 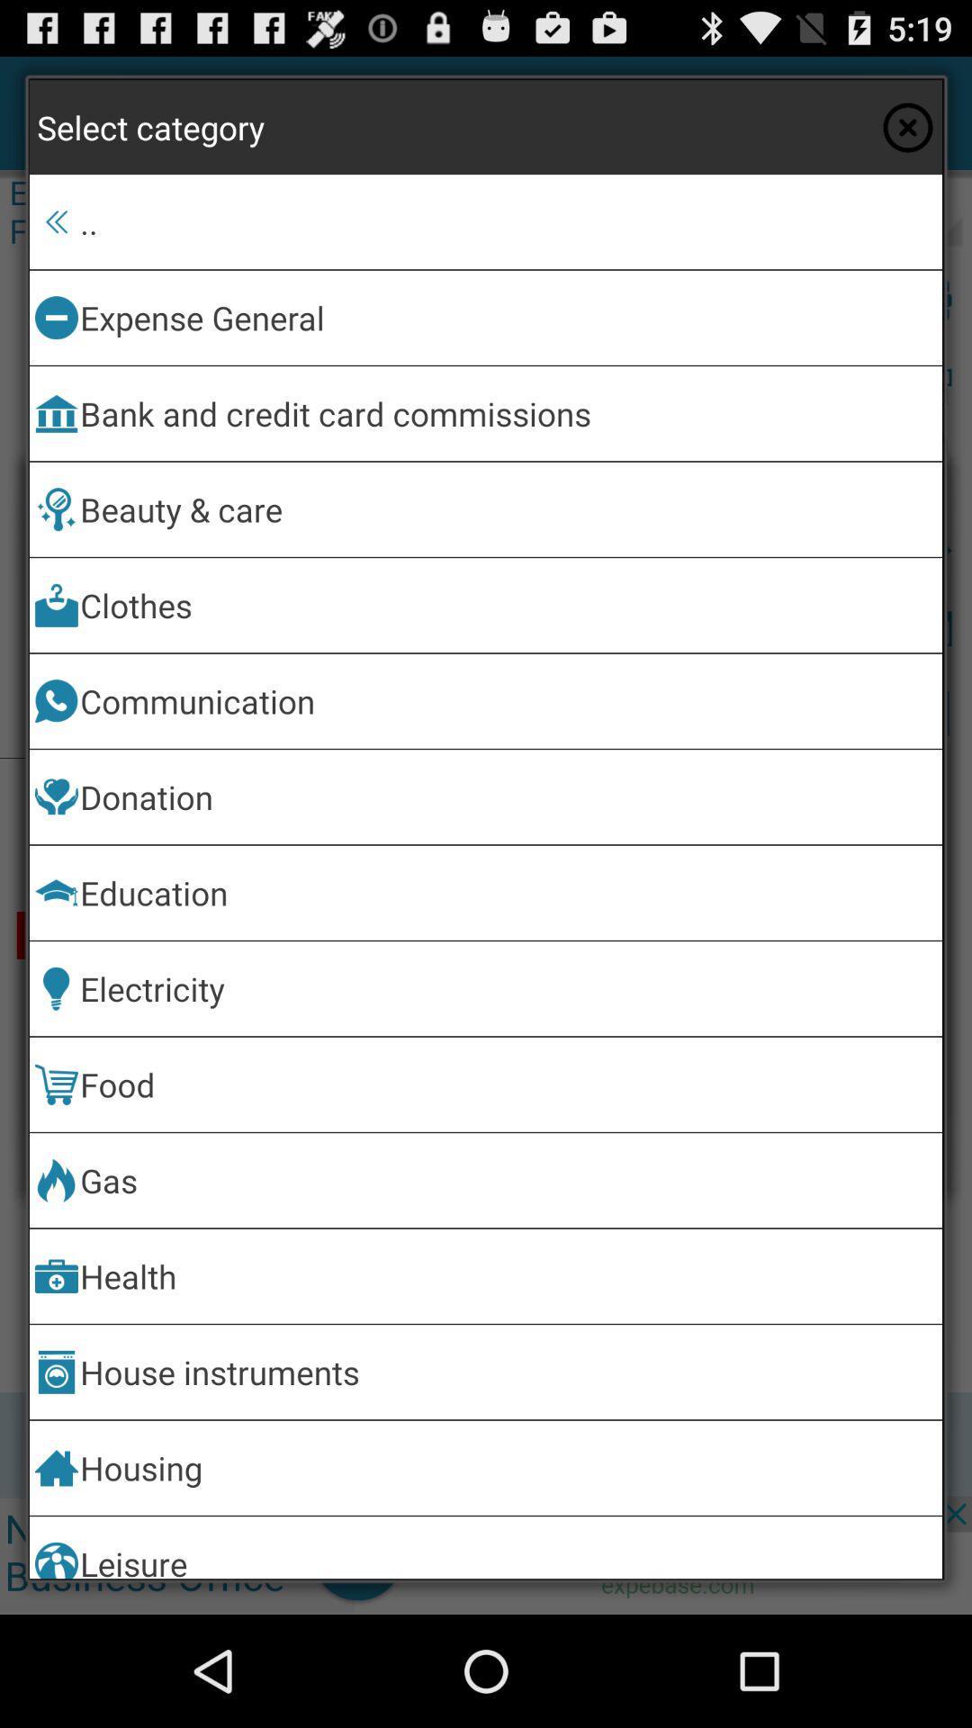 What do you see at coordinates (508, 1371) in the screenshot?
I see `the item above the housing item` at bounding box center [508, 1371].